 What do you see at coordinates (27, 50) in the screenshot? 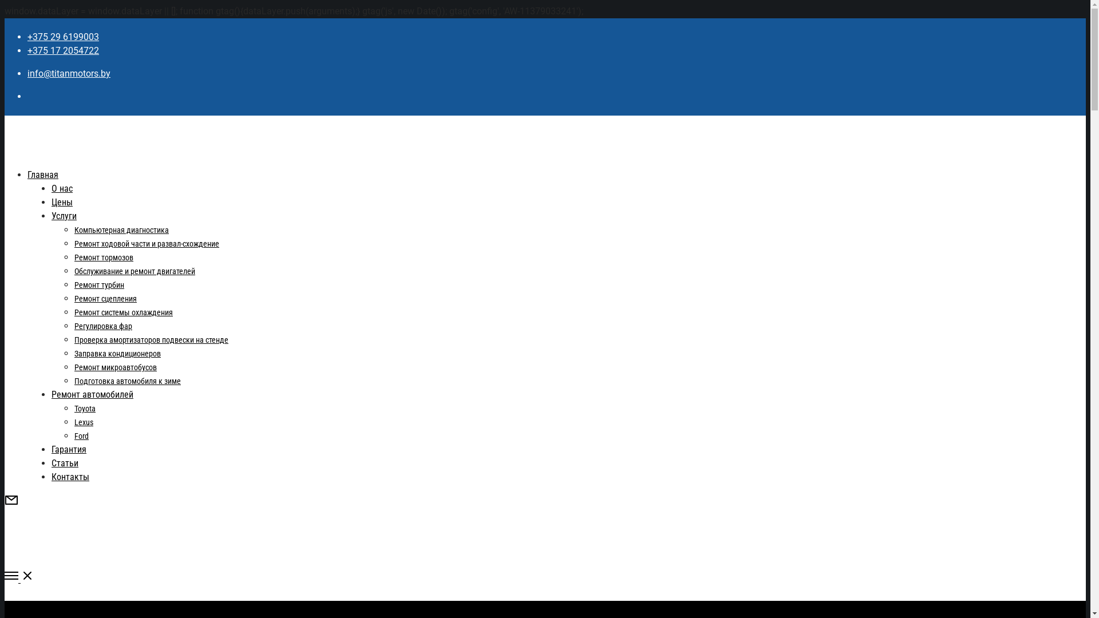
I see `'+375 17 2054722'` at bounding box center [27, 50].